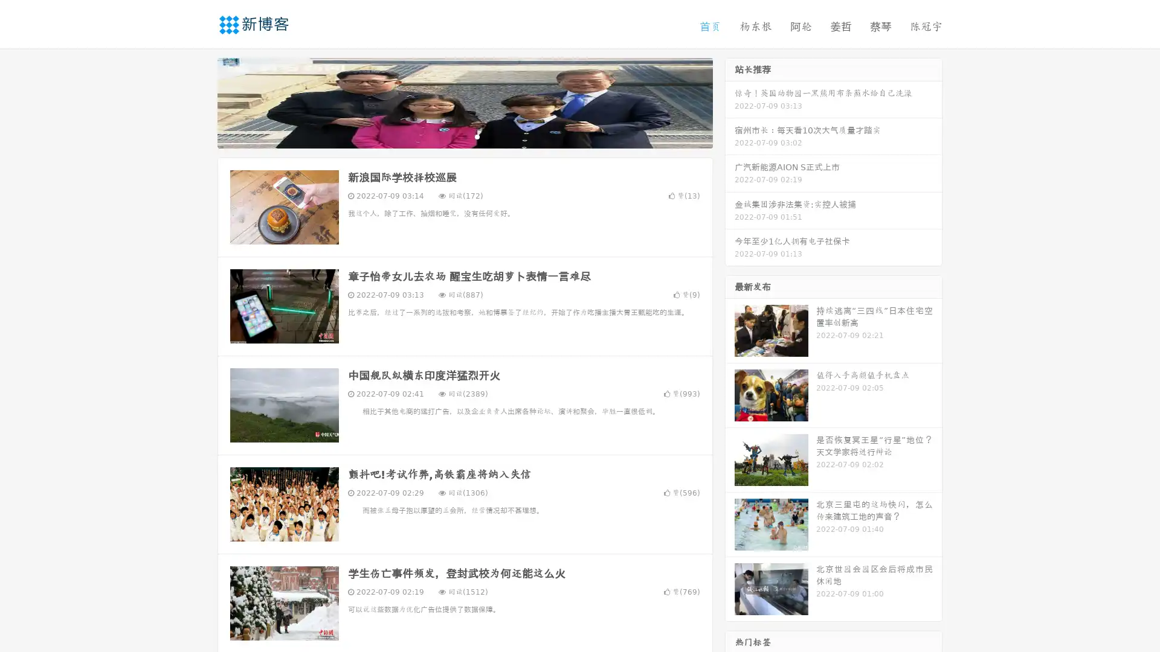 The width and height of the screenshot is (1160, 652). What do you see at coordinates (477, 136) in the screenshot?
I see `Go to slide 3` at bounding box center [477, 136].